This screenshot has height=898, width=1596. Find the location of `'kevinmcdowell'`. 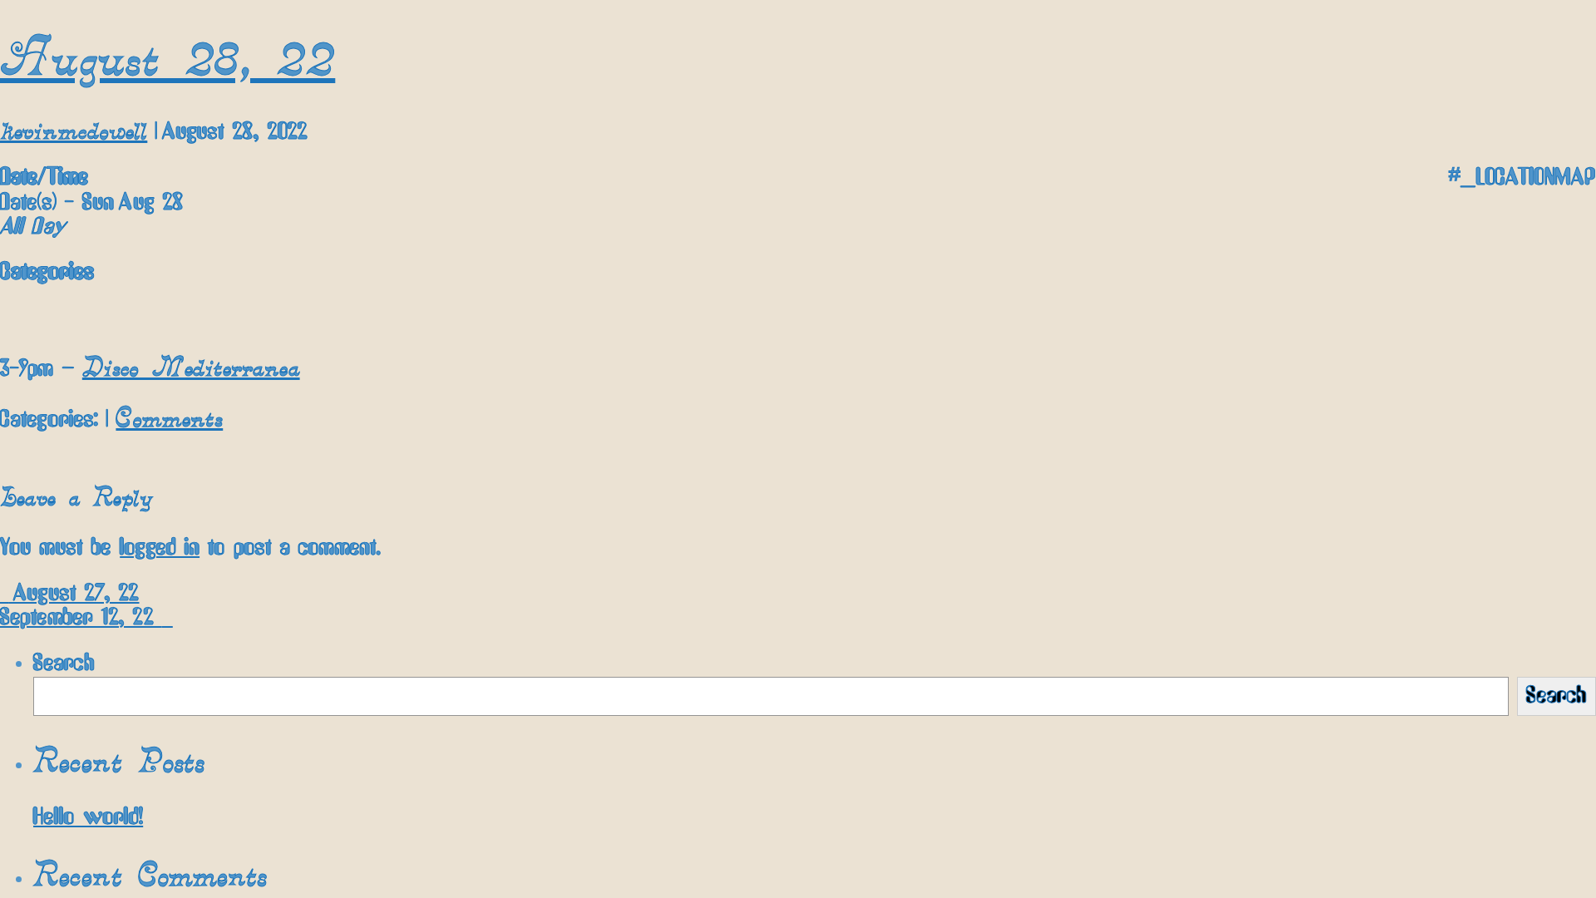

'kevinmcdowell' is located at coordinates (72, 128).